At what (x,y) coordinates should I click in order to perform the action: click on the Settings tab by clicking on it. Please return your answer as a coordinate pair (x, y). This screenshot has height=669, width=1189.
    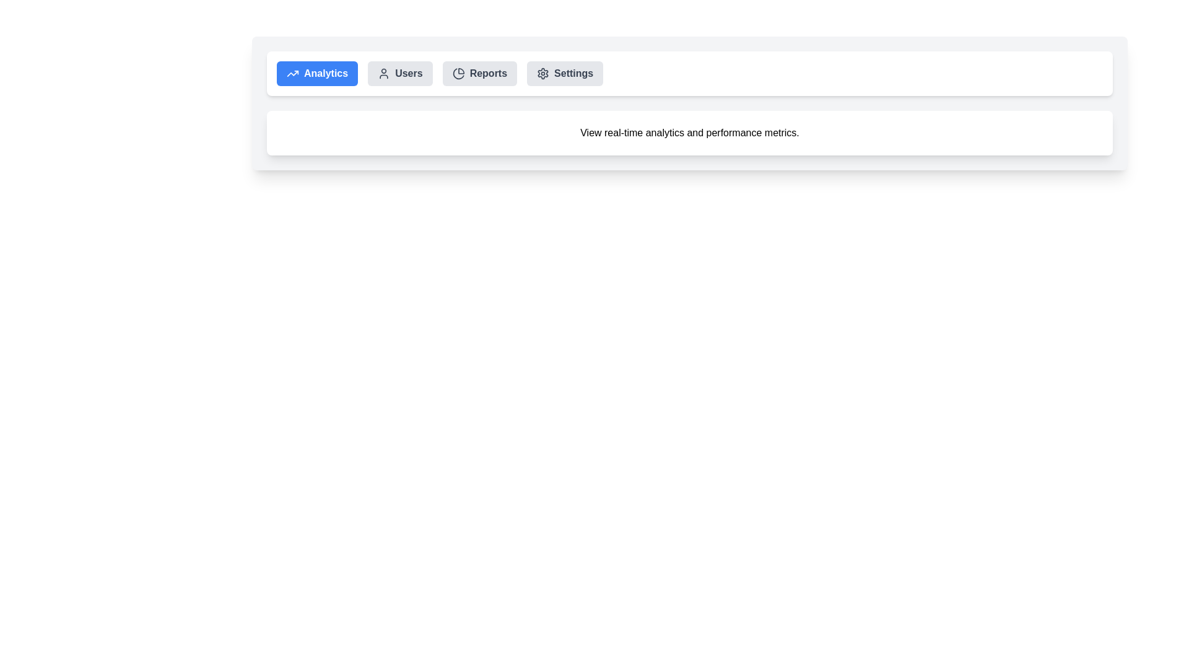
    Looking at the image, I should click on (564, 74).